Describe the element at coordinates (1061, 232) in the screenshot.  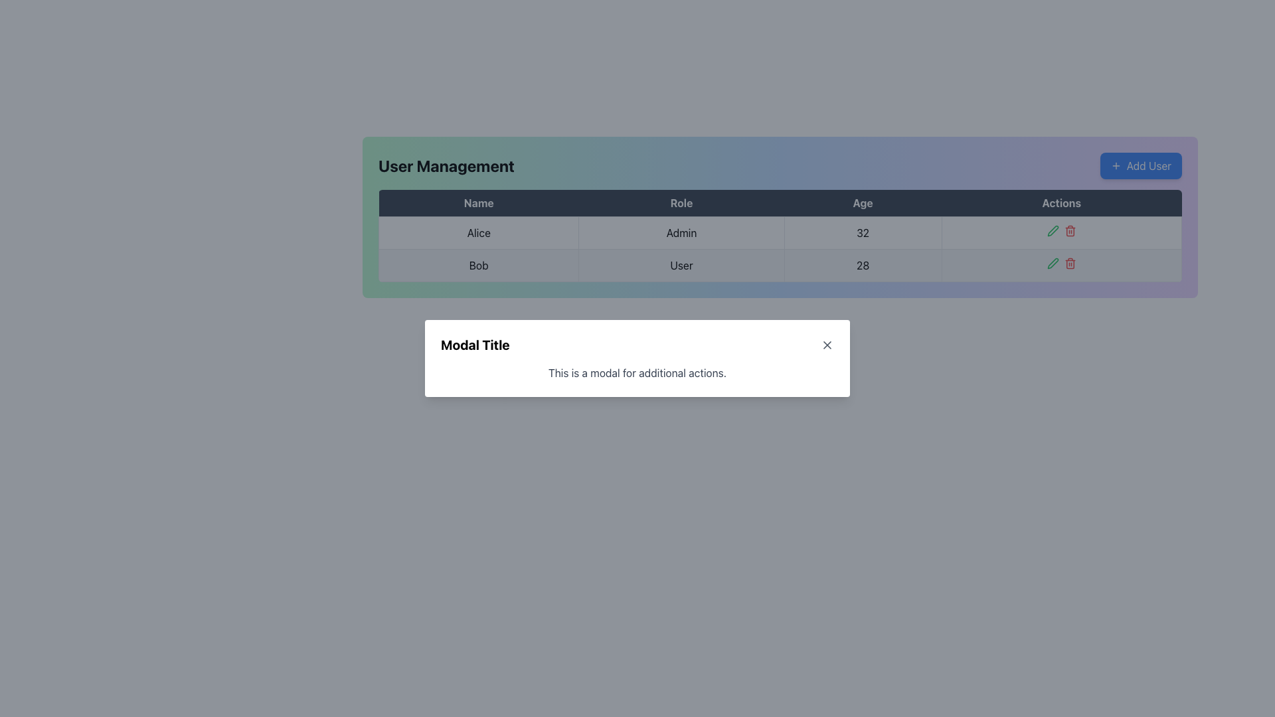
I see `the Action cell containing the green pencil and red trash can icons in the table row for user 'Alice'` at that location.